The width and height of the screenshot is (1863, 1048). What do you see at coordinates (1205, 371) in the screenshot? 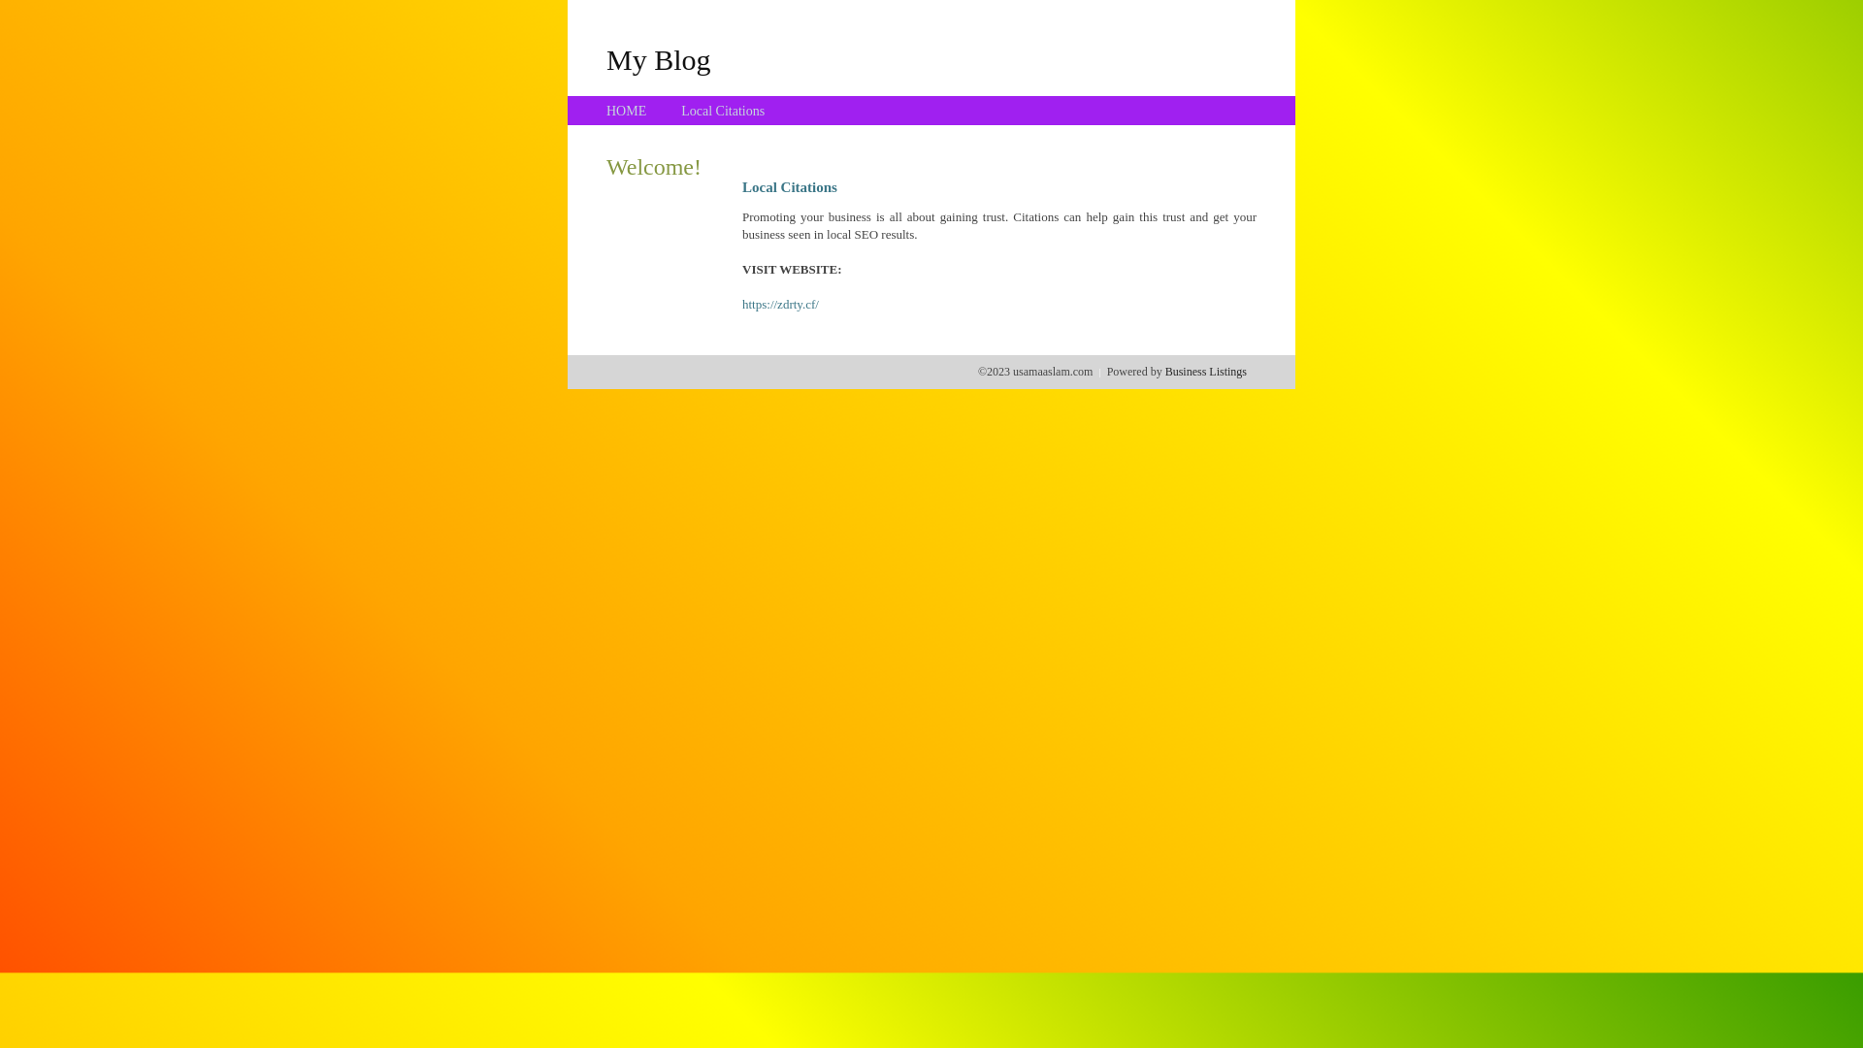
I see `'Business Listings'` at bounding box center [1205, 371].